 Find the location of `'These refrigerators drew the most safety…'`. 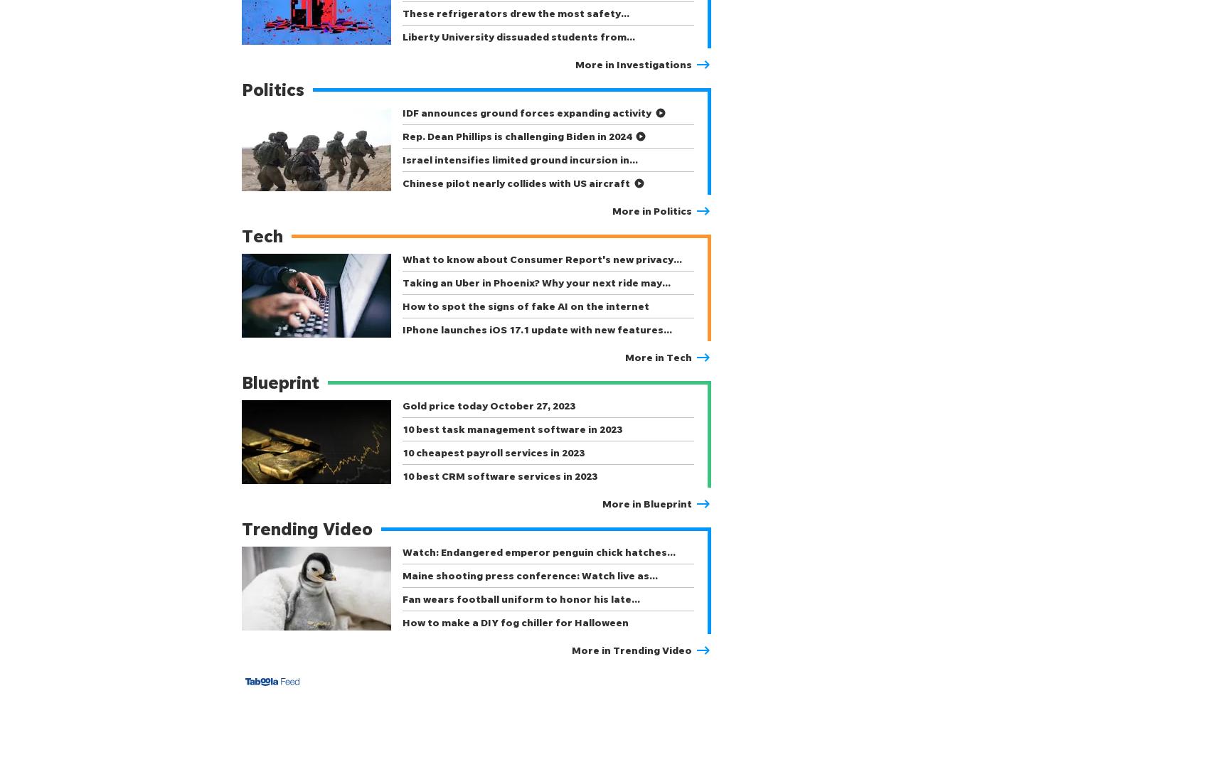

'These refrigerators drew the most safety…' is located at coordinates (516, 12).